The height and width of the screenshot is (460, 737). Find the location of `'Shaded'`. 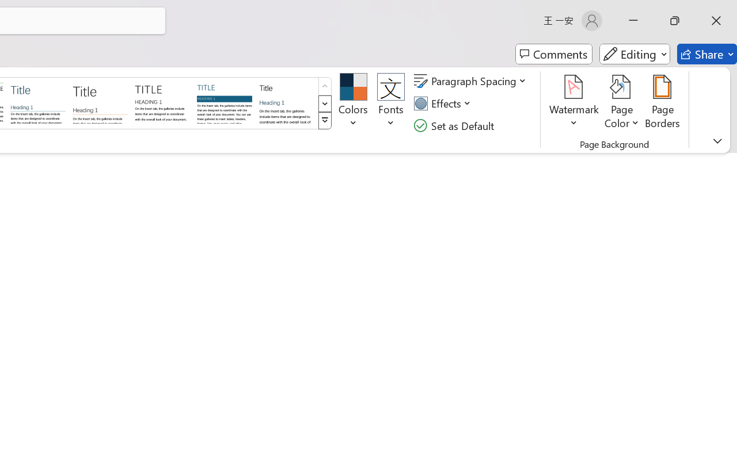

'Shaded' is located at coordinates (224, 102).